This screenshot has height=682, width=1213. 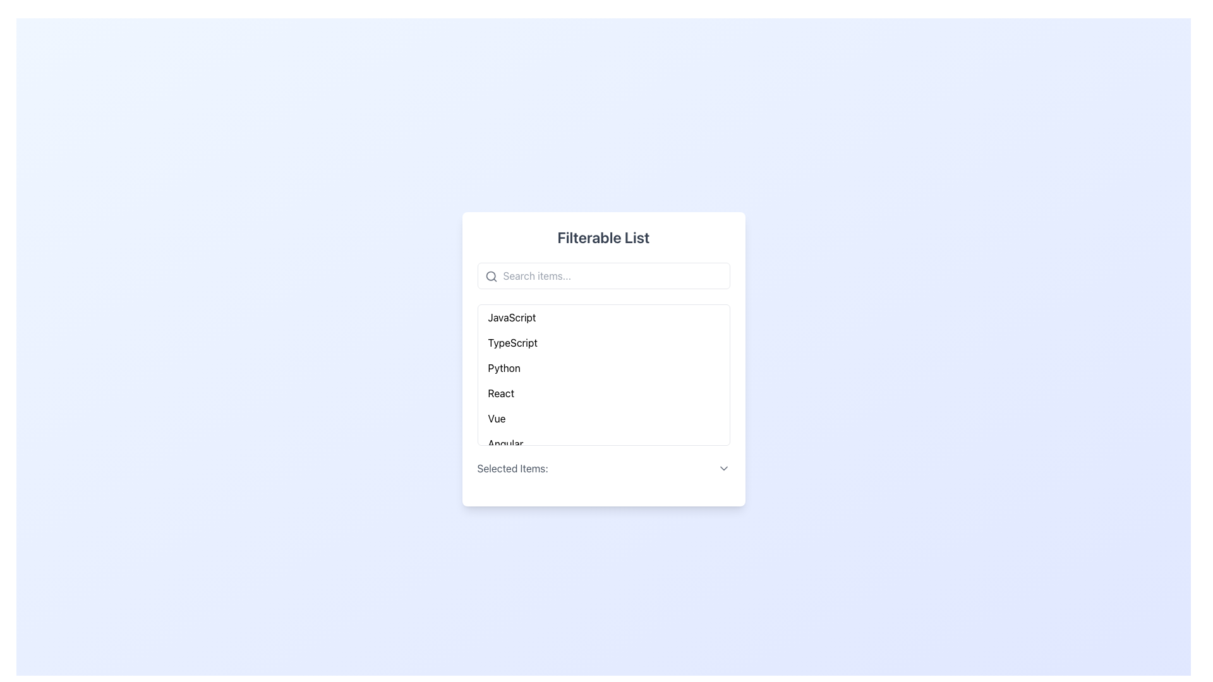 I want to click on the second item in the filterable list of programming languages, located between 'JavaScript' and 'Python', so click(x=603, y=343).